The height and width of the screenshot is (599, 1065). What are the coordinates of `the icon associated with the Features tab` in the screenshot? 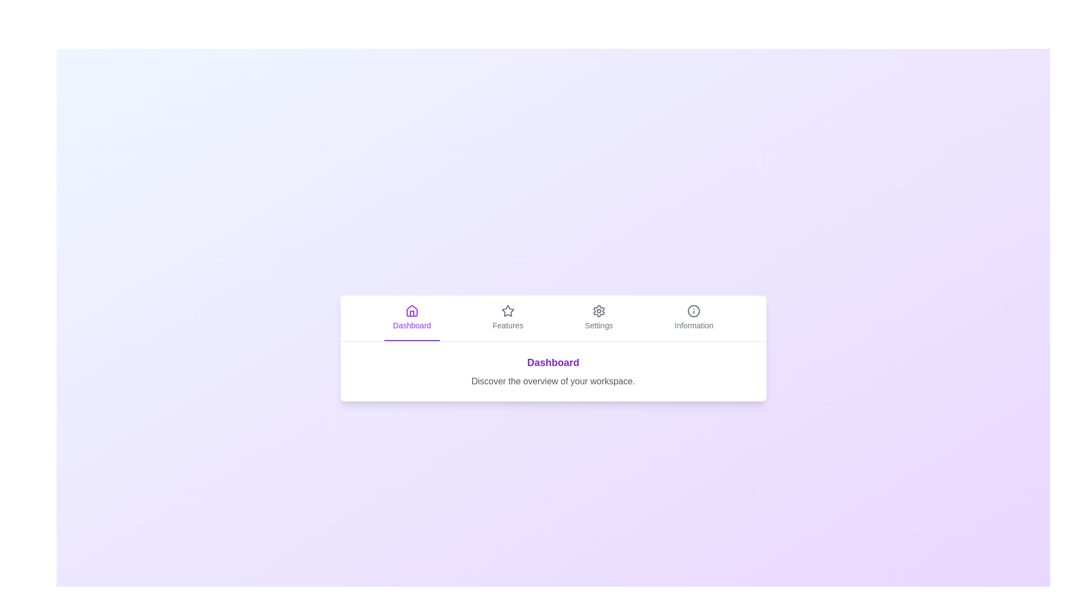 It's located at (507, 311).